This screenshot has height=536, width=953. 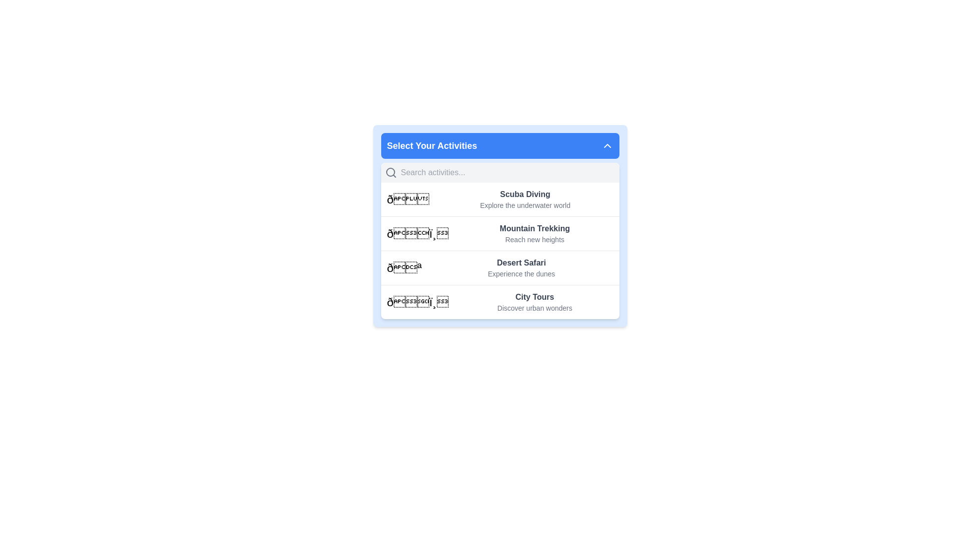 I want to click on the fourth list item in the city tours selection list, so click(x=500, y=301).